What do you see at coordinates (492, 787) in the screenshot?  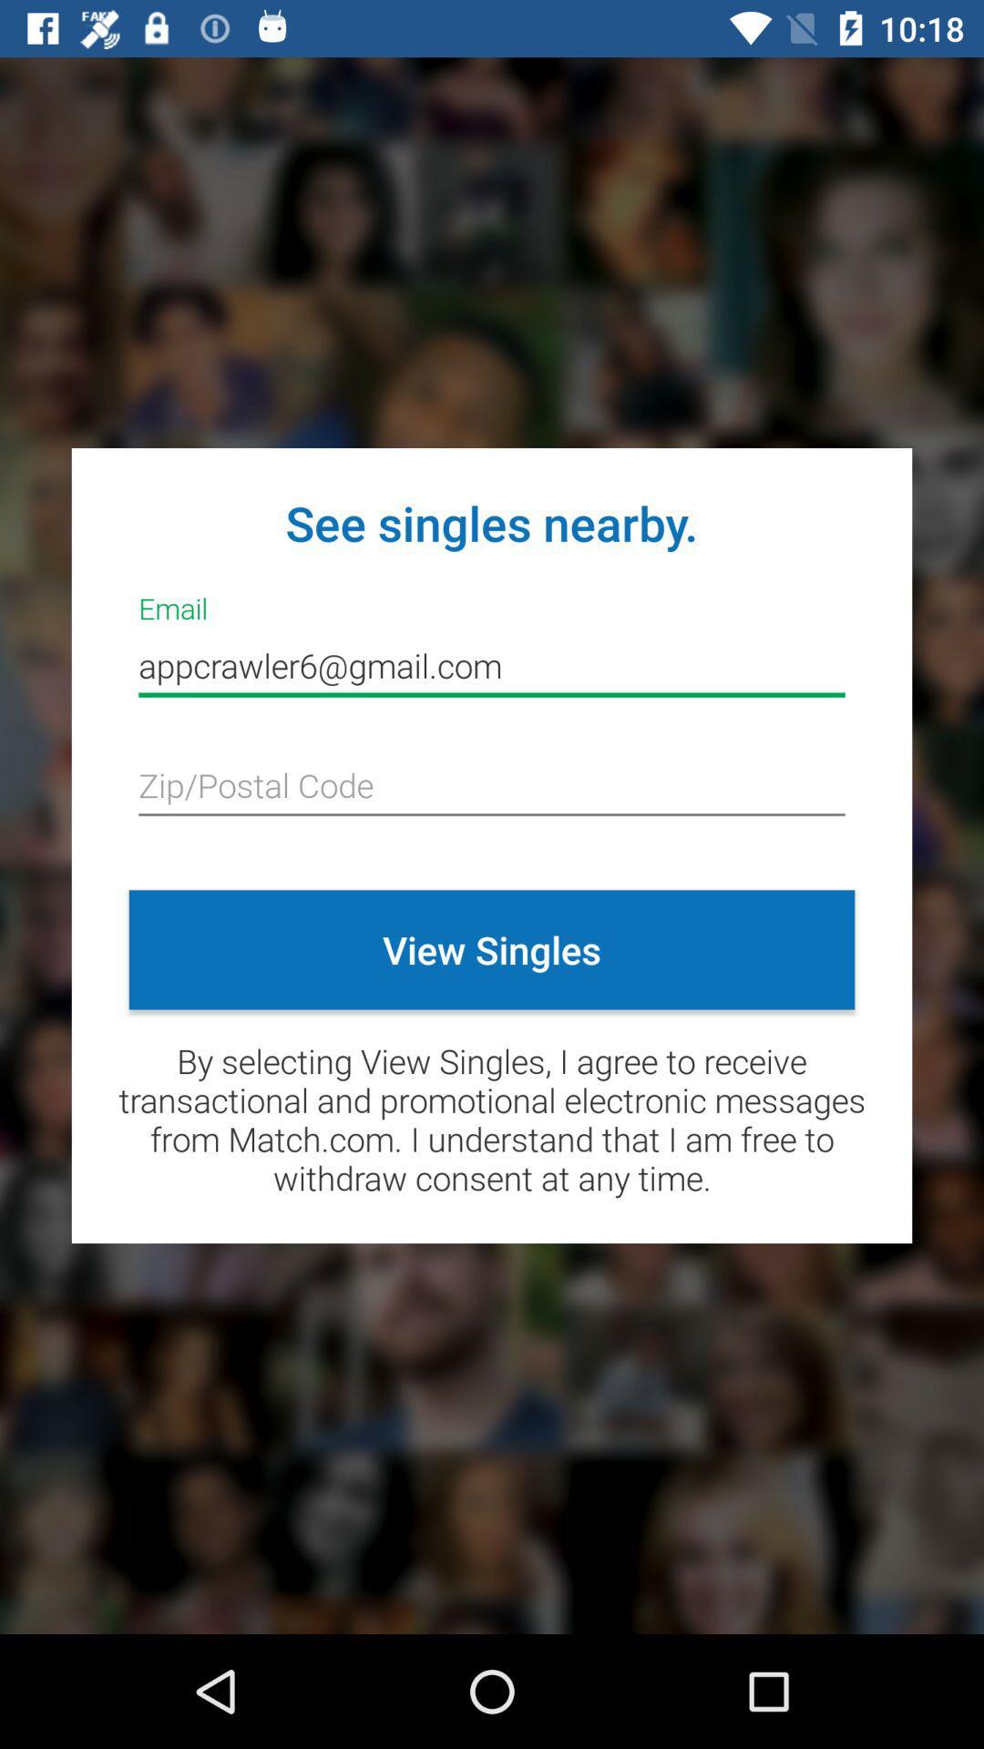 I see `password page` at bounding box center [492, 787].